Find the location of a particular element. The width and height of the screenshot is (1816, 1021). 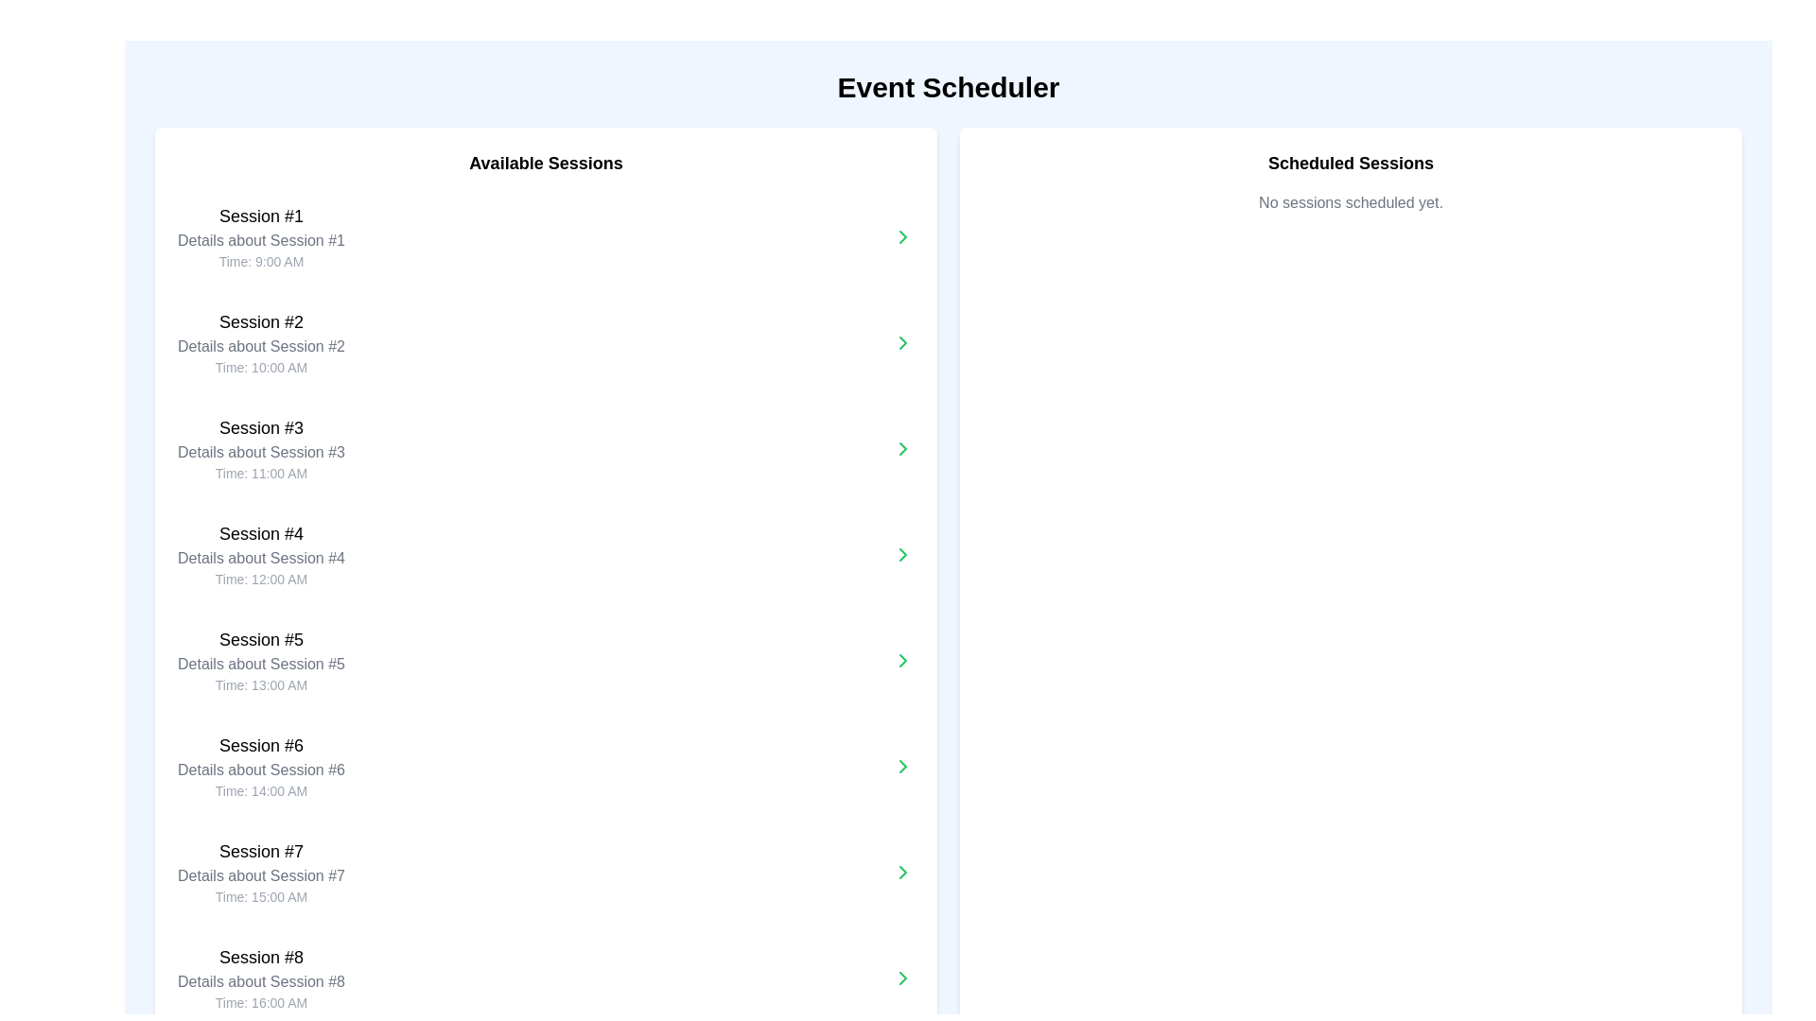

the right-pointing chevron indicator corresponding to 'Session #8' in the 'Available Sessions' list is located at coordinates (902, 978).